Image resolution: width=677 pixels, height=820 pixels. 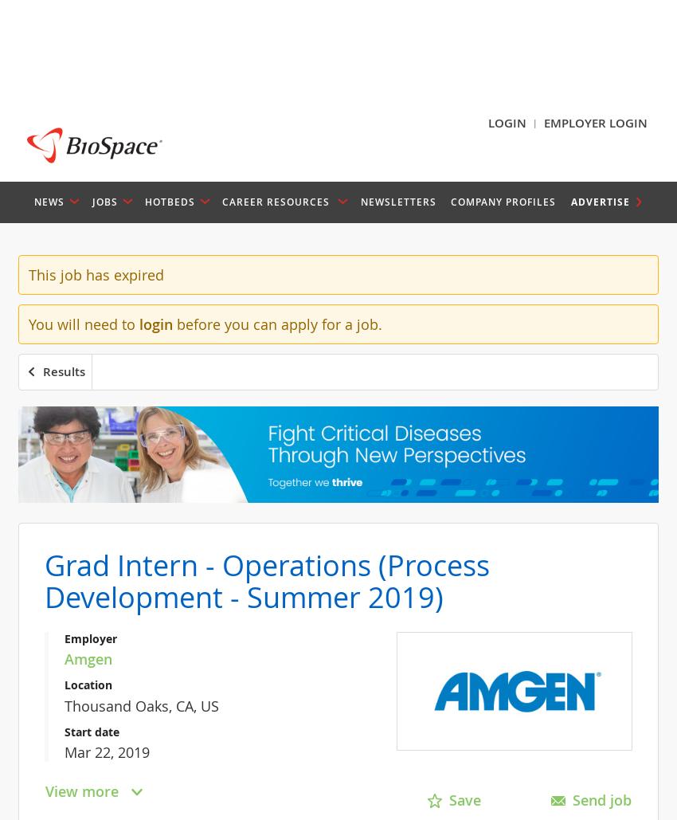 What do you see at coordinates (502, 200) in the screenshot?
I see `'Company Profiles'` at bounding box center [502, 200].